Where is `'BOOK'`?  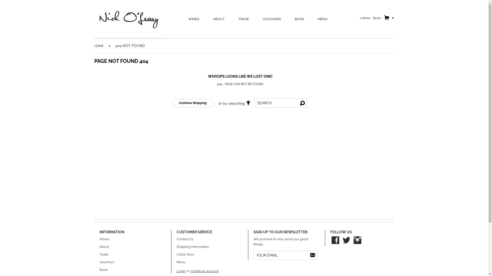 'BOOK' is located at coordinates (299, 19).